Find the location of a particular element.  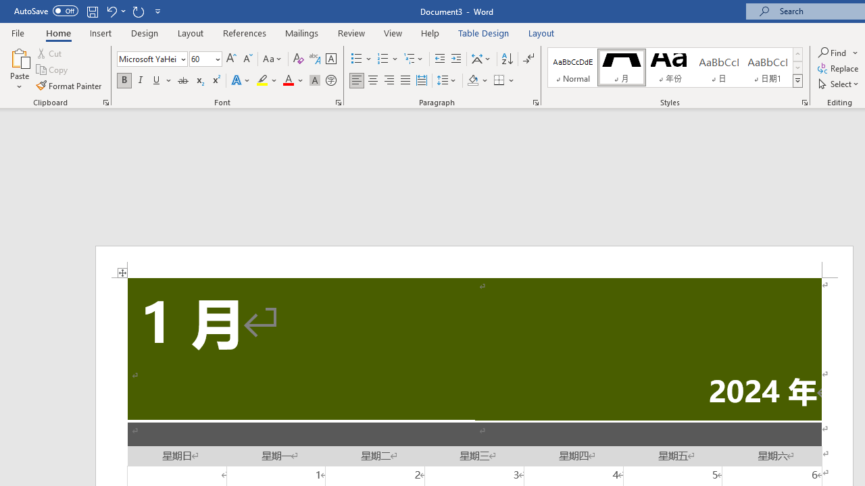

'Text Highlight Color Yellow' is located at coordinates (262, 80).